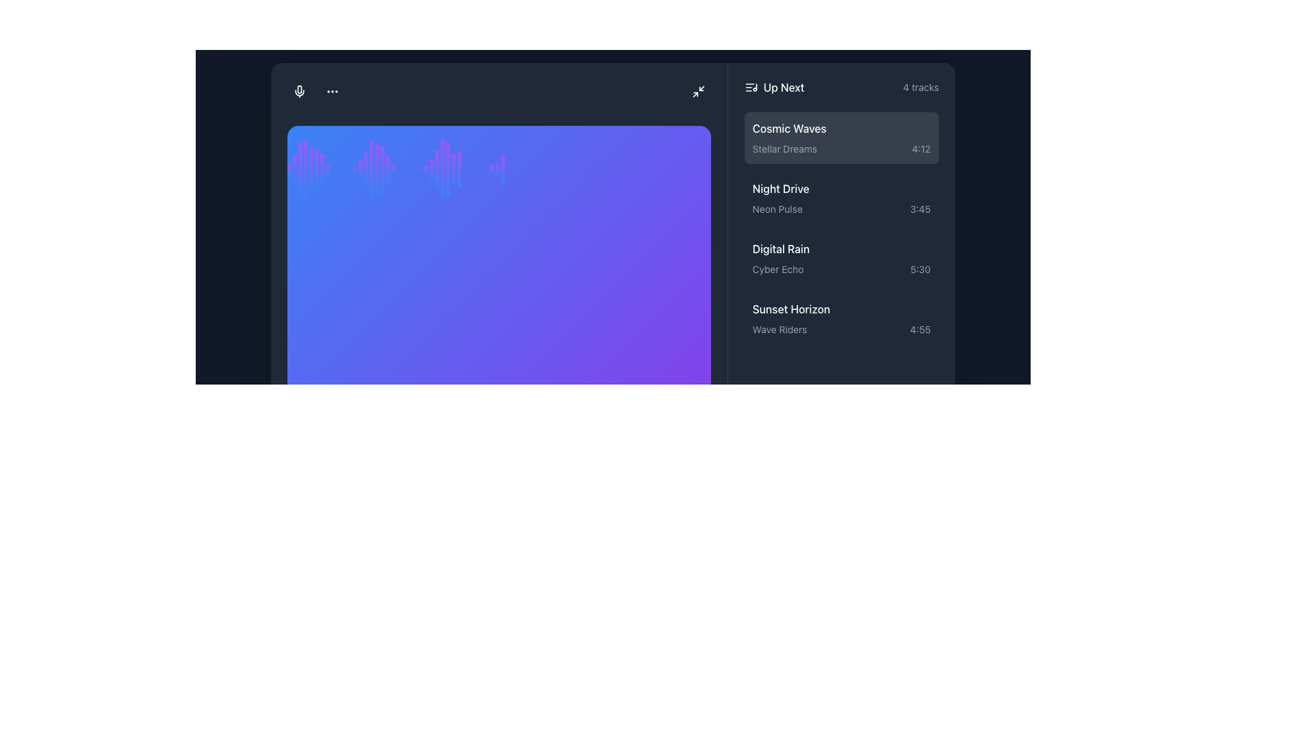 The image size is (1314, 739). I want to click on the text block labeled 'Wave Riders' with a duration of '4:55' in the 'Up Next' panel, located under the 'Sunset Horizon' section, so click(840, 329).